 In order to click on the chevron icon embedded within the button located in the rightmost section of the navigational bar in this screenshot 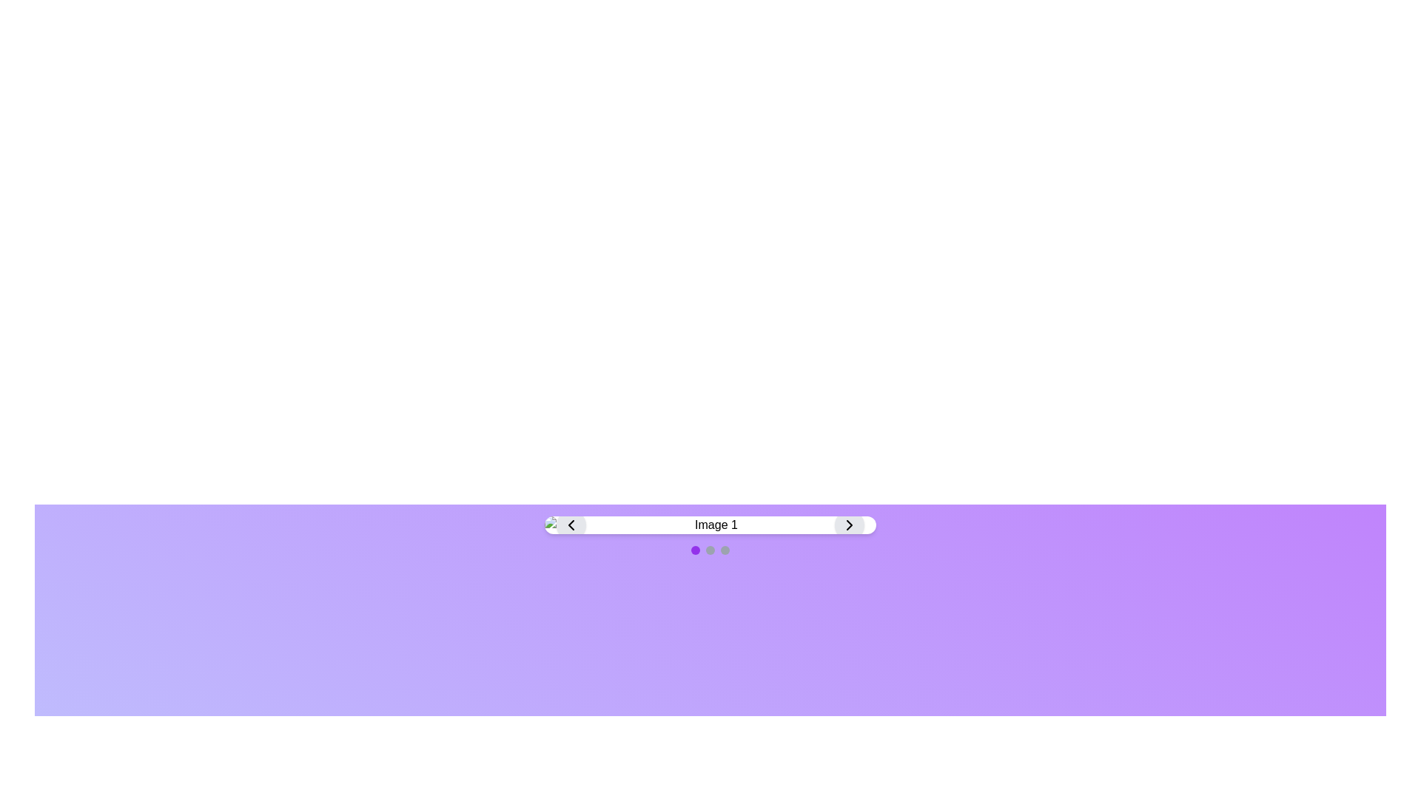, I will do `click(849, 524)`.